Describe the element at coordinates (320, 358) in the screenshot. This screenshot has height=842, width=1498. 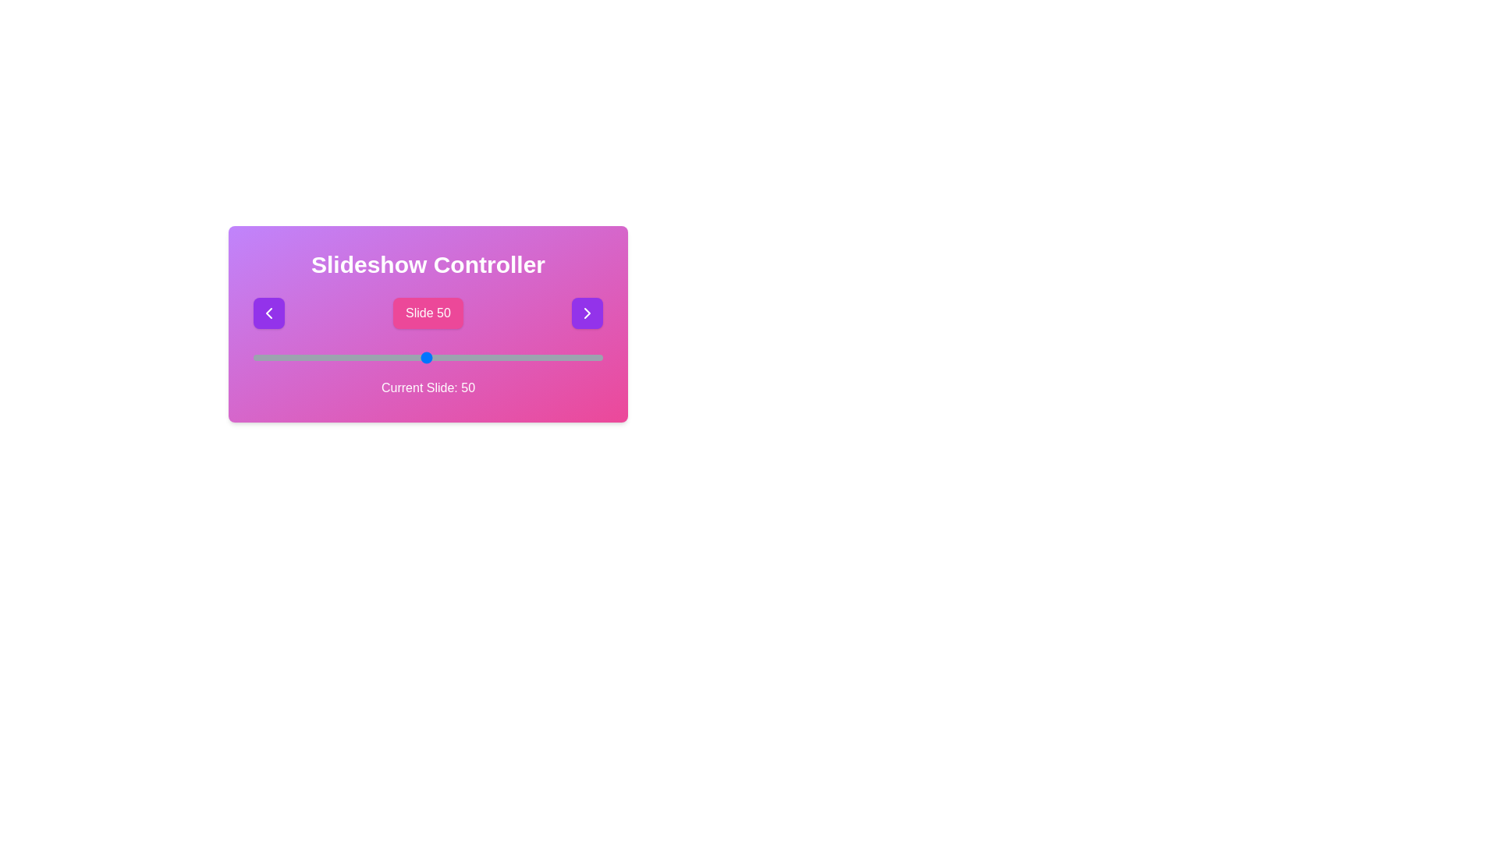
I see `the slider to select slide 20` at that location.